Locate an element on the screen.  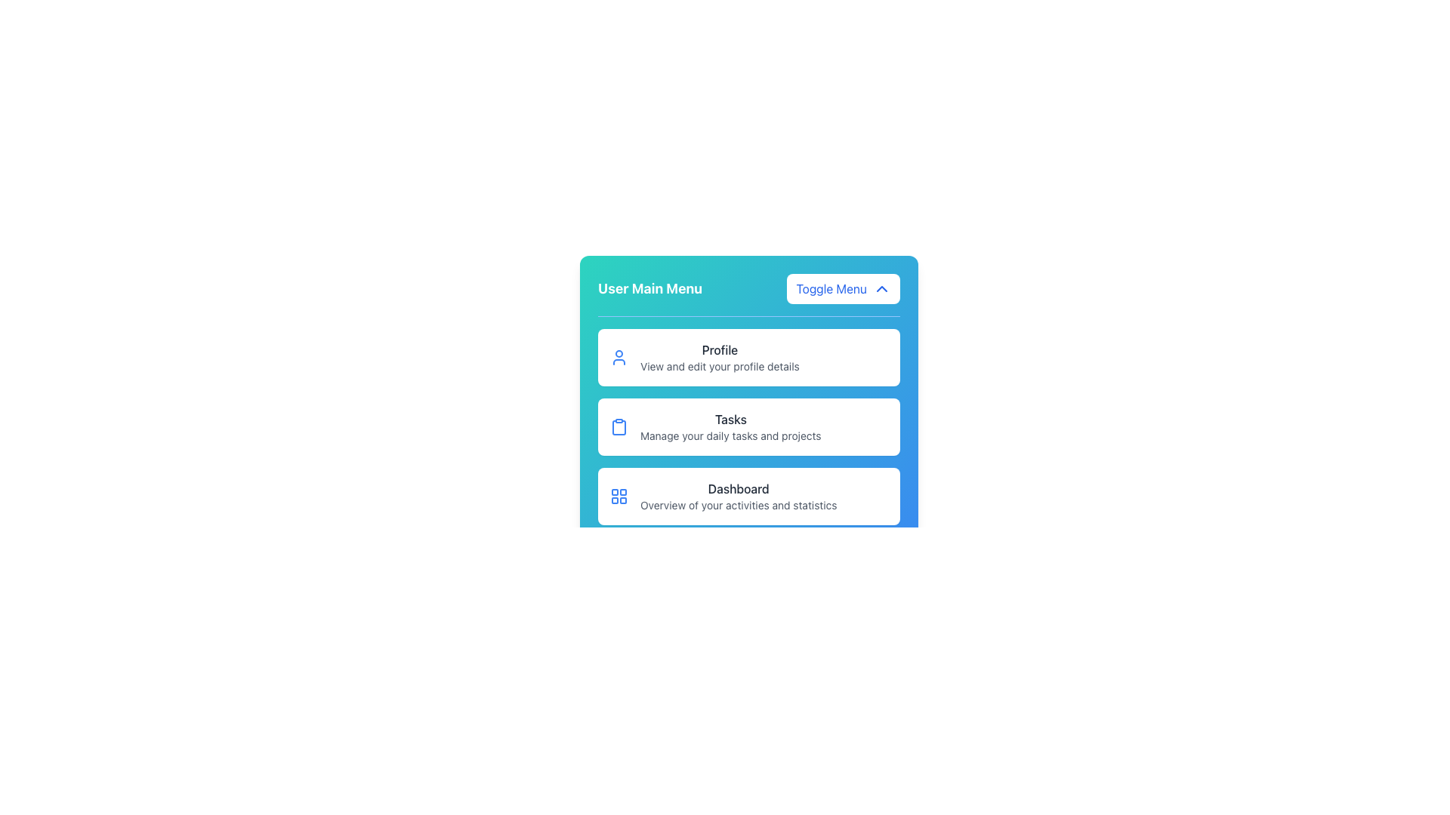
the textual label displaying 'Tasks' in the vertical menu, which is centrally located above the descriptive text 'Manage your daily tasks and projects.' is located at coordinates (730, 419).